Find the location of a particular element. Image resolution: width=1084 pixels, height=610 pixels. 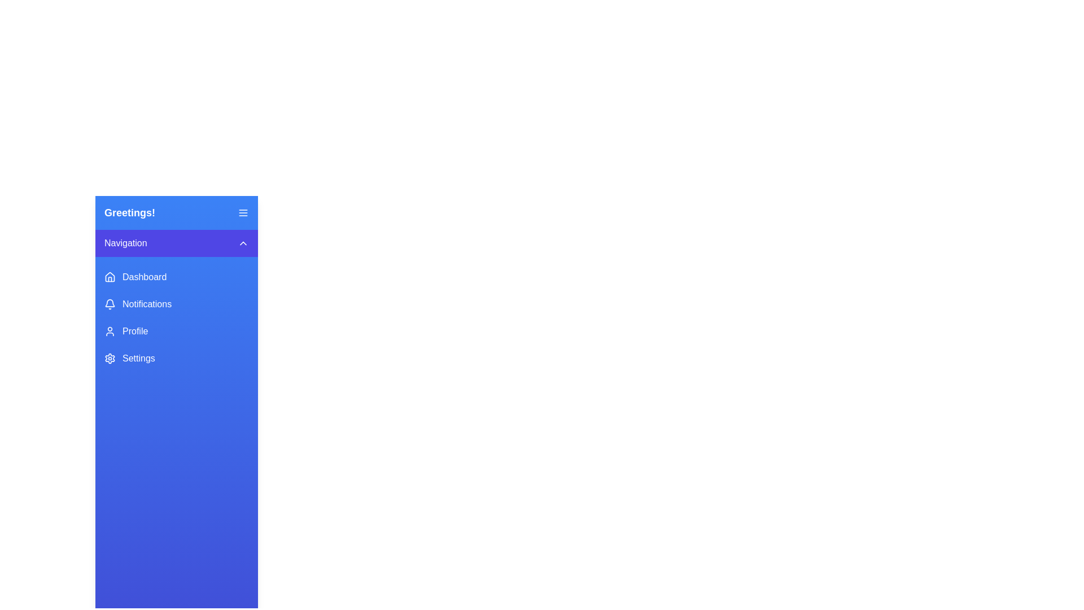

the house-shaped icon in the vertical navigation menu next to the 'Dashboard' text is located at coordinates (110, 276).